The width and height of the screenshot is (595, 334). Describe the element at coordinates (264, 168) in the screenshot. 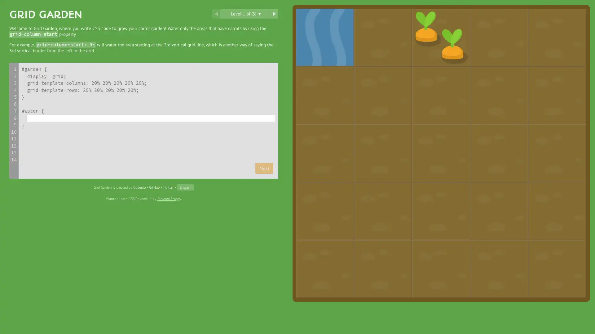

I see `Next` at that location.